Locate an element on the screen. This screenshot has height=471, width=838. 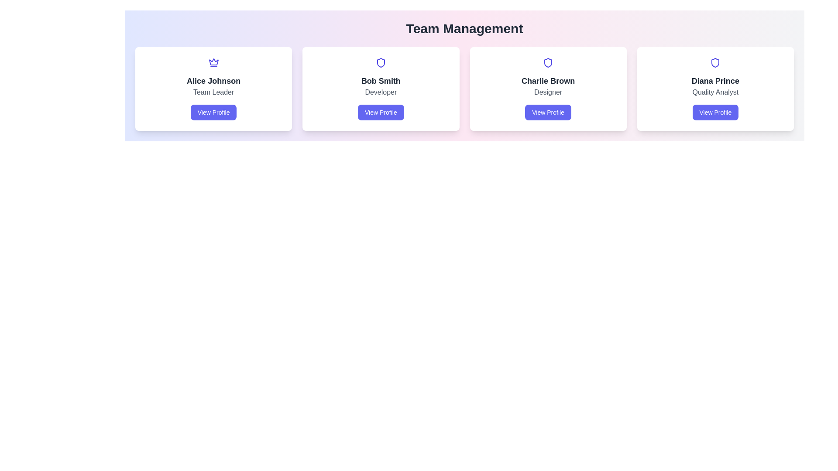
the shield icon located at the topmost section of the profile card for 'Diana Prince', which is the fourth item in a horizontal sequence is located at coordinates (715, 62).